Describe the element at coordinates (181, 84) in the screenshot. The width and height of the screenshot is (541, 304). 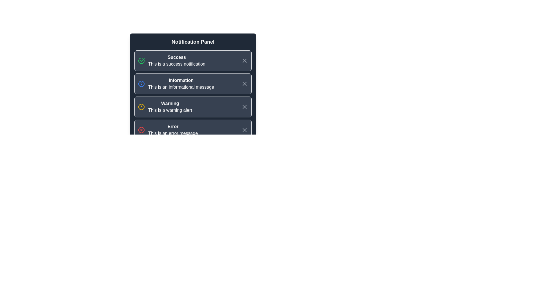
I see `the notification displaying 'Information' with the message 'This is an informational message' in the Notification Panel` at that location.